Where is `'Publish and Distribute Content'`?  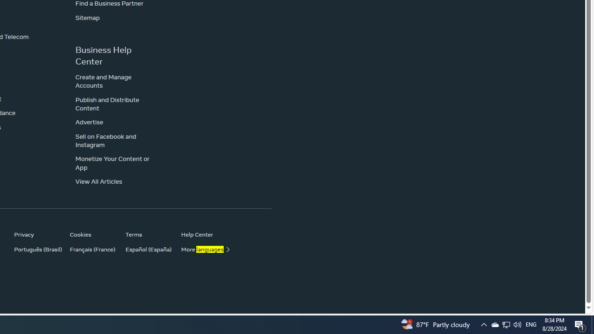
'Publish and Distribute Content' is located at coordinates (107, 103).